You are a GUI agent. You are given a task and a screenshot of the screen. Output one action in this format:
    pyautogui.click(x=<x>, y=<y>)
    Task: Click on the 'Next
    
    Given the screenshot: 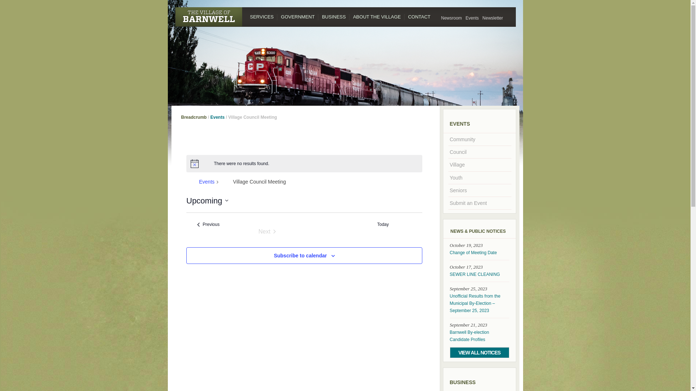 What is the action you would take?
    pyautogui.click(x=267, y=232)
    